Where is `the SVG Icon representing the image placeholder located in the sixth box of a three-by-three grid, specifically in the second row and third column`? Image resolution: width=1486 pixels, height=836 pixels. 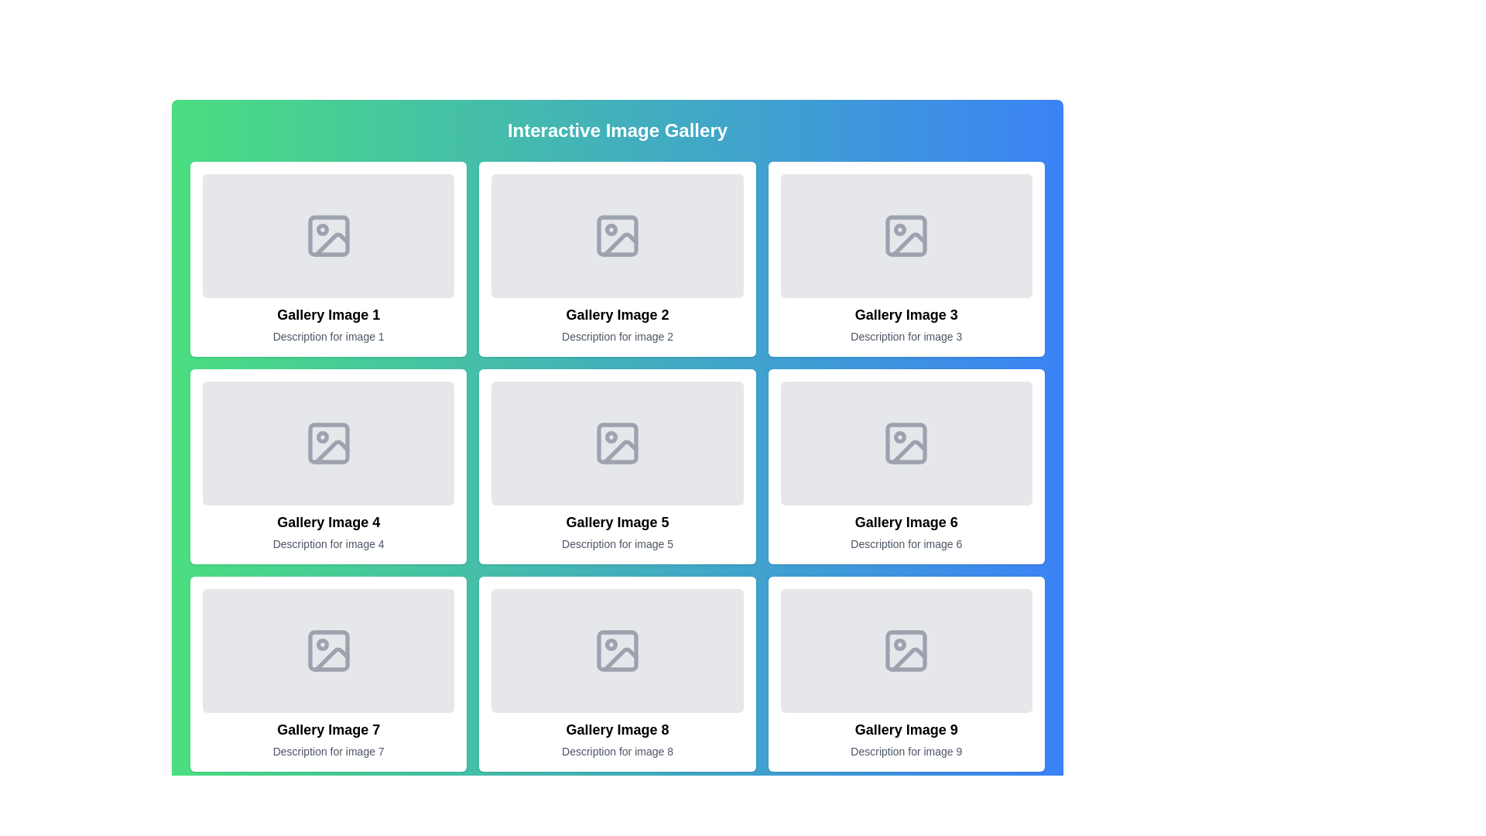
the SVG Icon representing the image placeholder located in the sixth box of a three-by-three grid, specifically in the second row and third column is located at coordinates (906, 444).